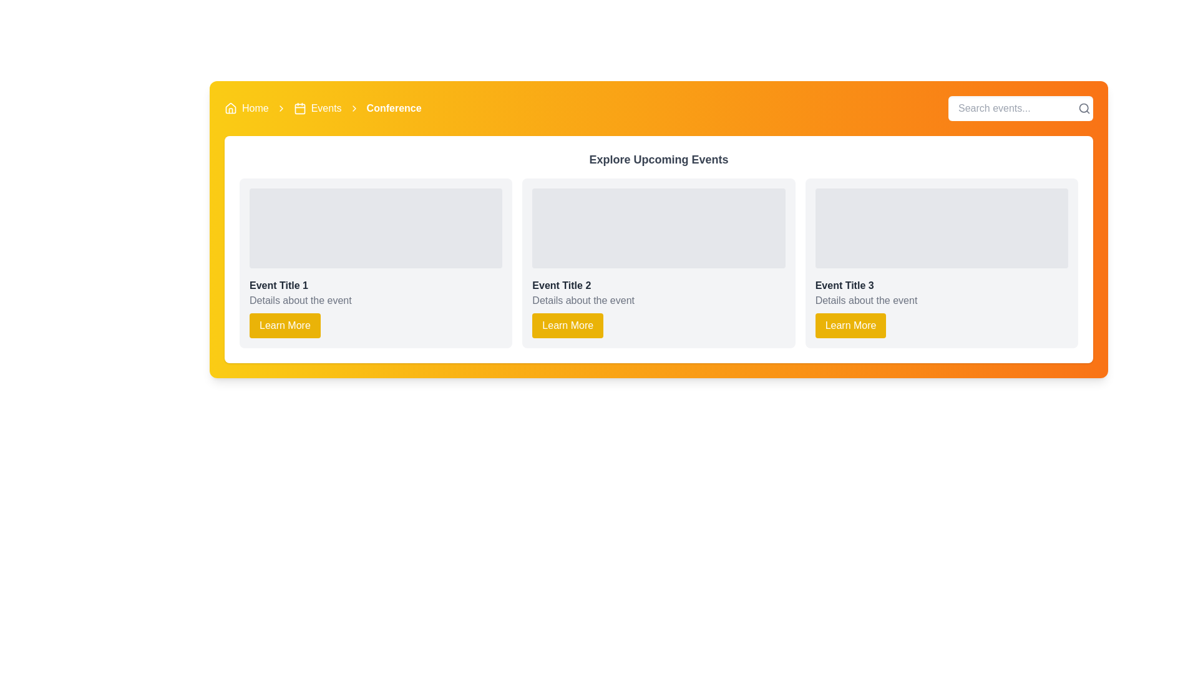 The image size is (1198, 674). Describe the element at coordinates (1083, 107) in the screenshot. I see `the interactive button with a search icon located in the top-right corner of the layout to initiate a search` at that location.